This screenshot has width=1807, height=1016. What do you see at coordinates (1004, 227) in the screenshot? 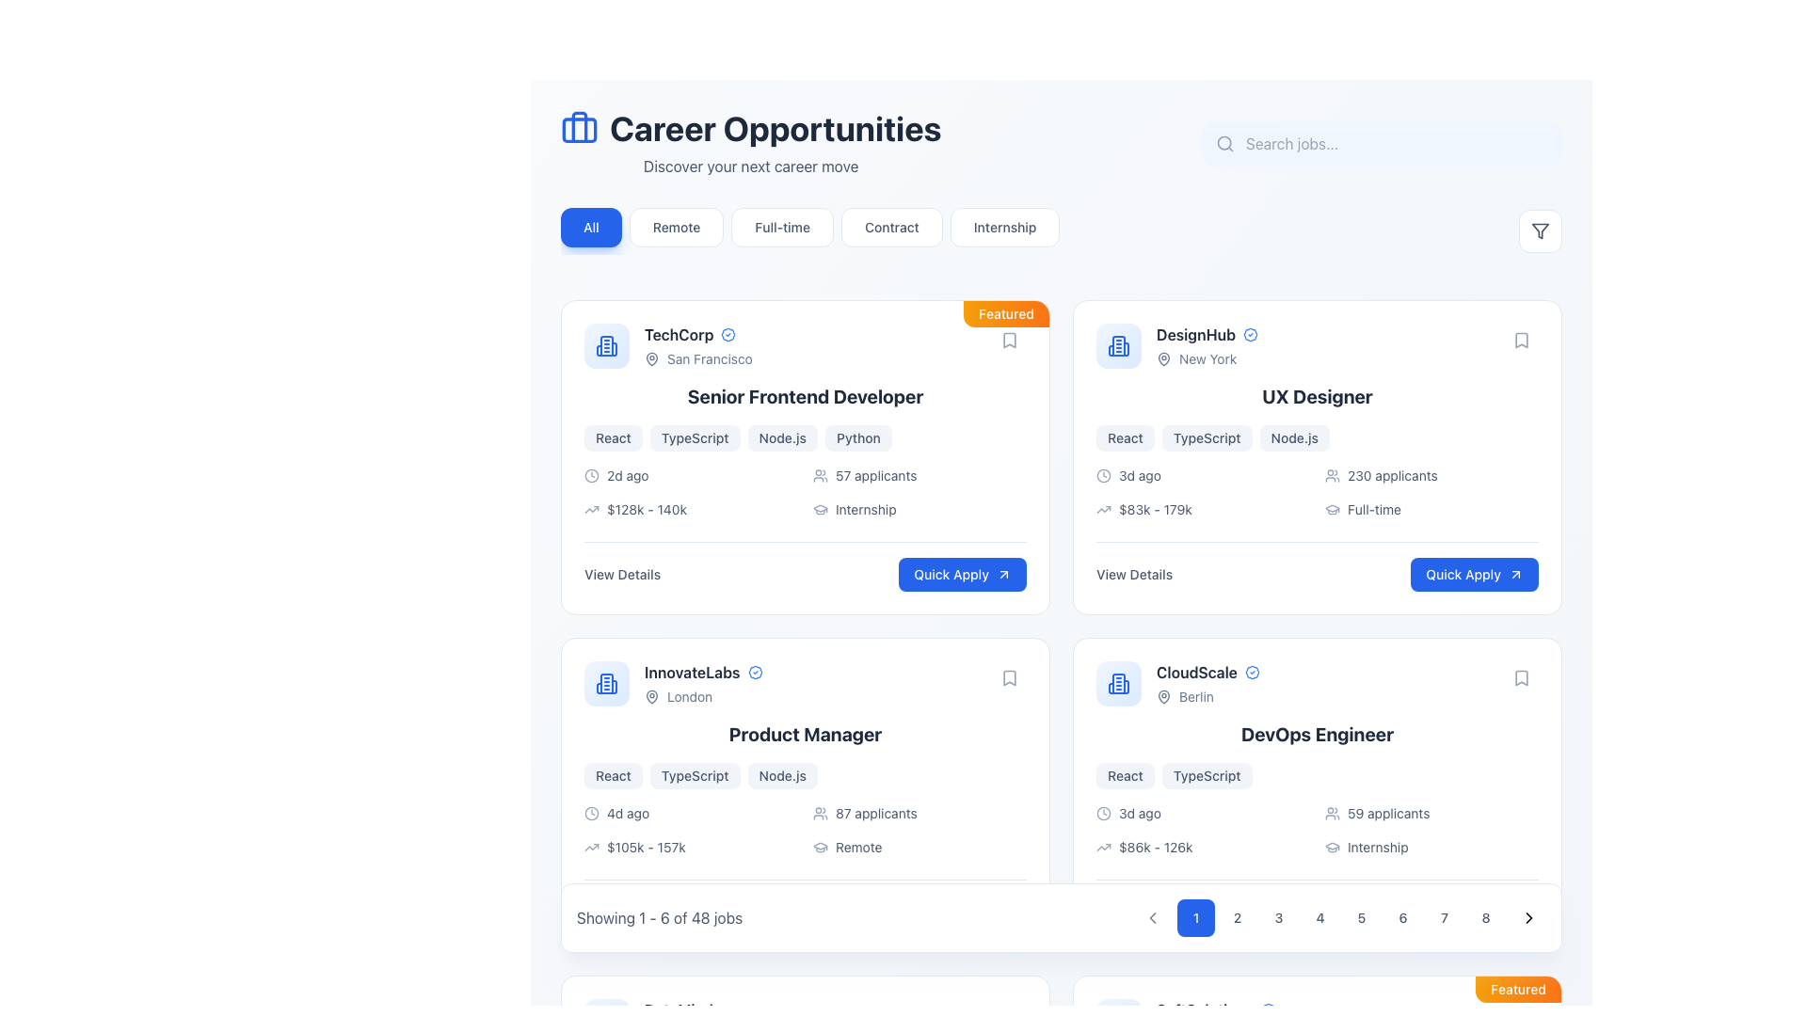
I see `the 'Internship' button, which is a rounded rectangular button with a white background and slate-gray text, to filter results` at bounding box center [1004, 227].